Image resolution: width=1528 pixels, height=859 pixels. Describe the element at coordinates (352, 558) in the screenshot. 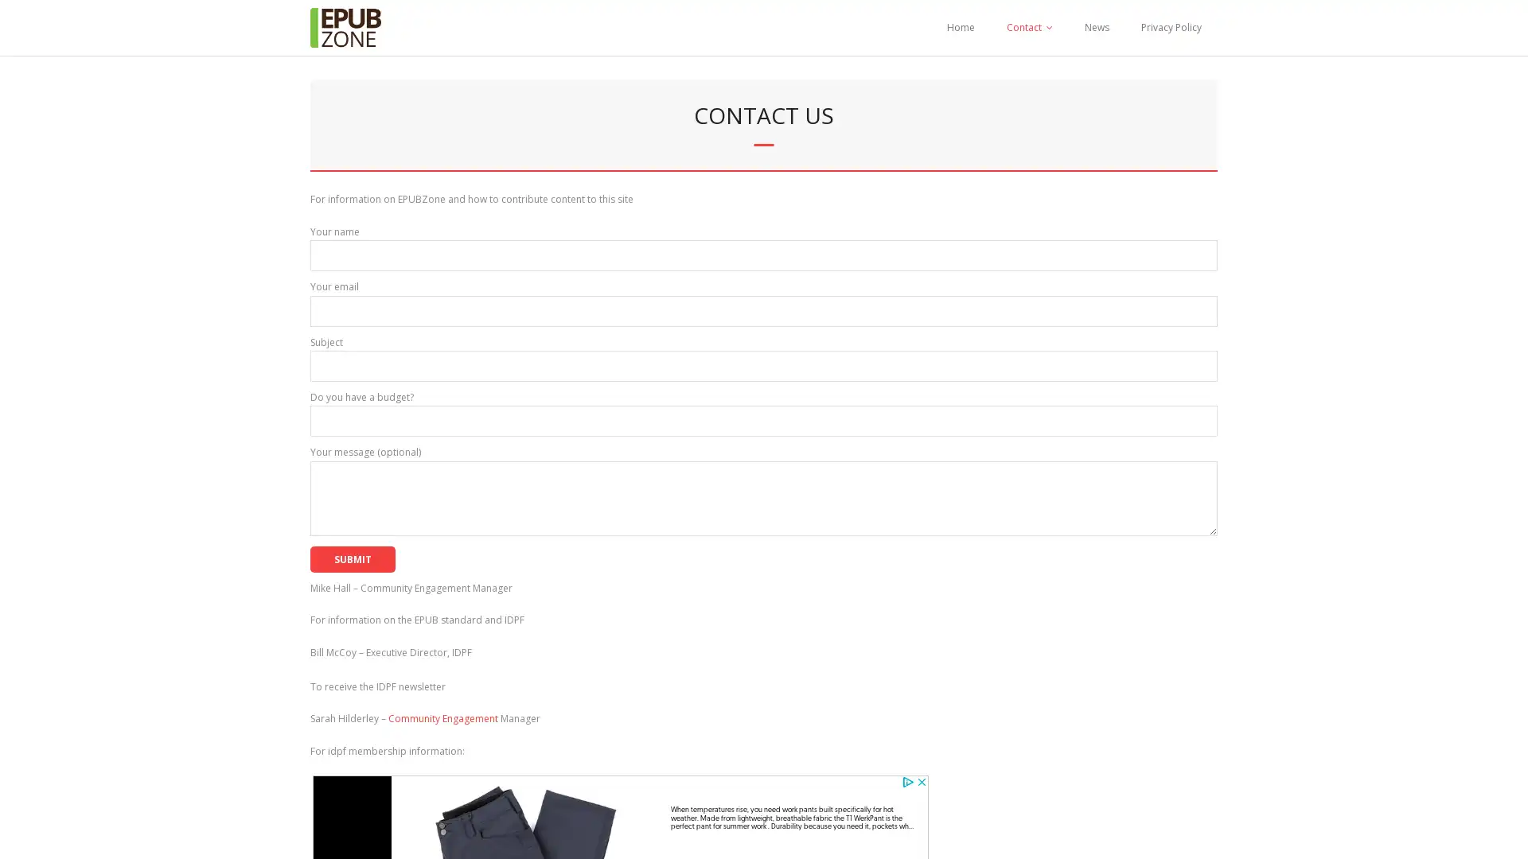

I see `Submit` at that location.